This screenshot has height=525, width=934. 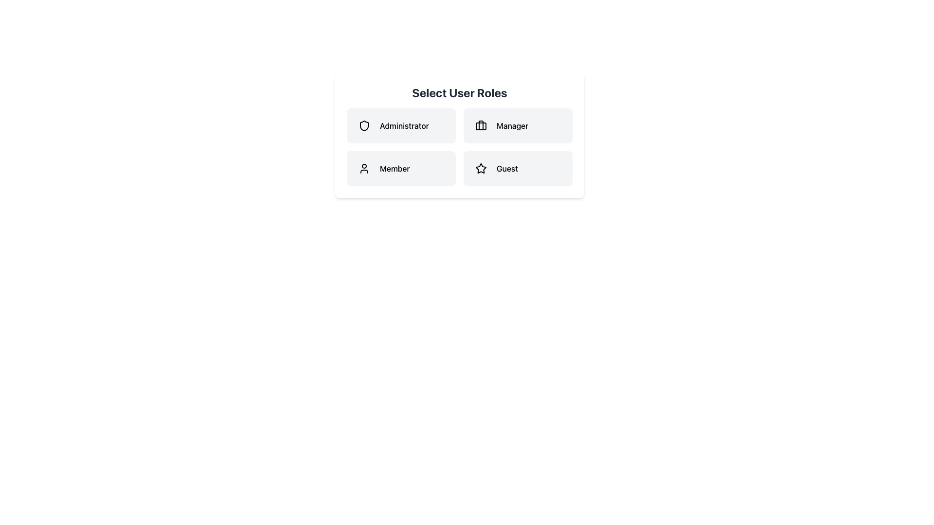 What do you see at coordinates (481, 168) in the screenshot?
I see `the decorative icon representing the 'Guest' role, which is the leftmost component in the 'Guest' role option, aligned alongside the text 'Guest'` at bounding box center [481, 168].